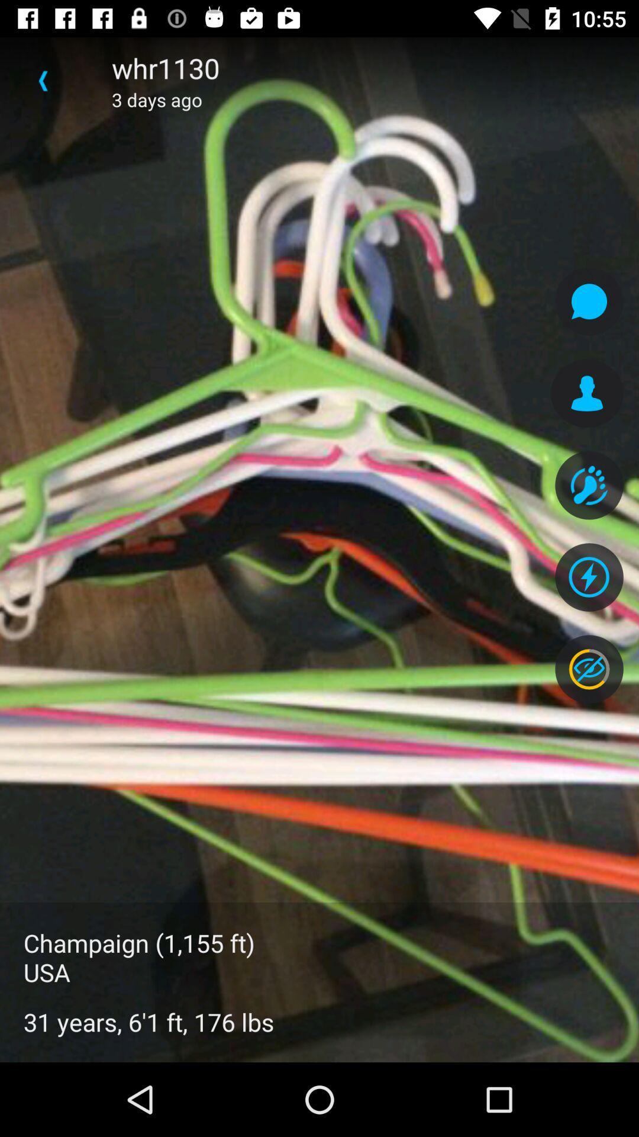 This screenshot has height=1137, width=639. What do you see at coordinates (589, 301) in the screenshot?
I see `the chat icon` at bounding box center [589, 301].